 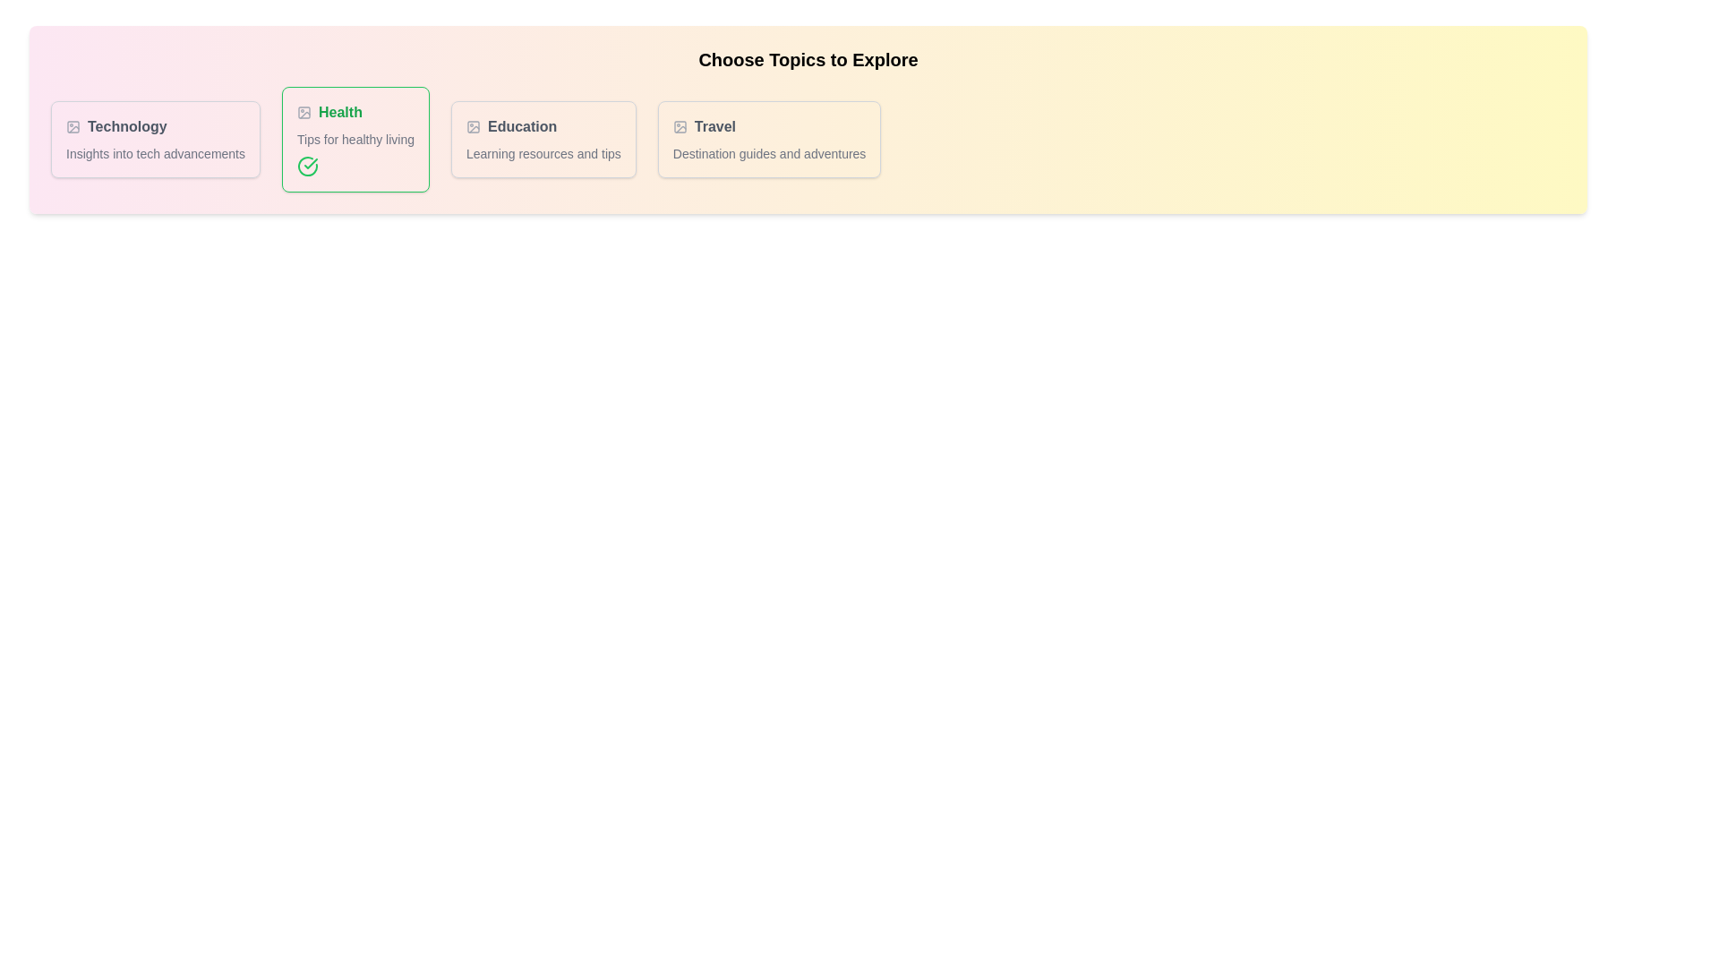 I want to click on the tag labeled Health to reveal its additional context, so click(x=355, y=113).